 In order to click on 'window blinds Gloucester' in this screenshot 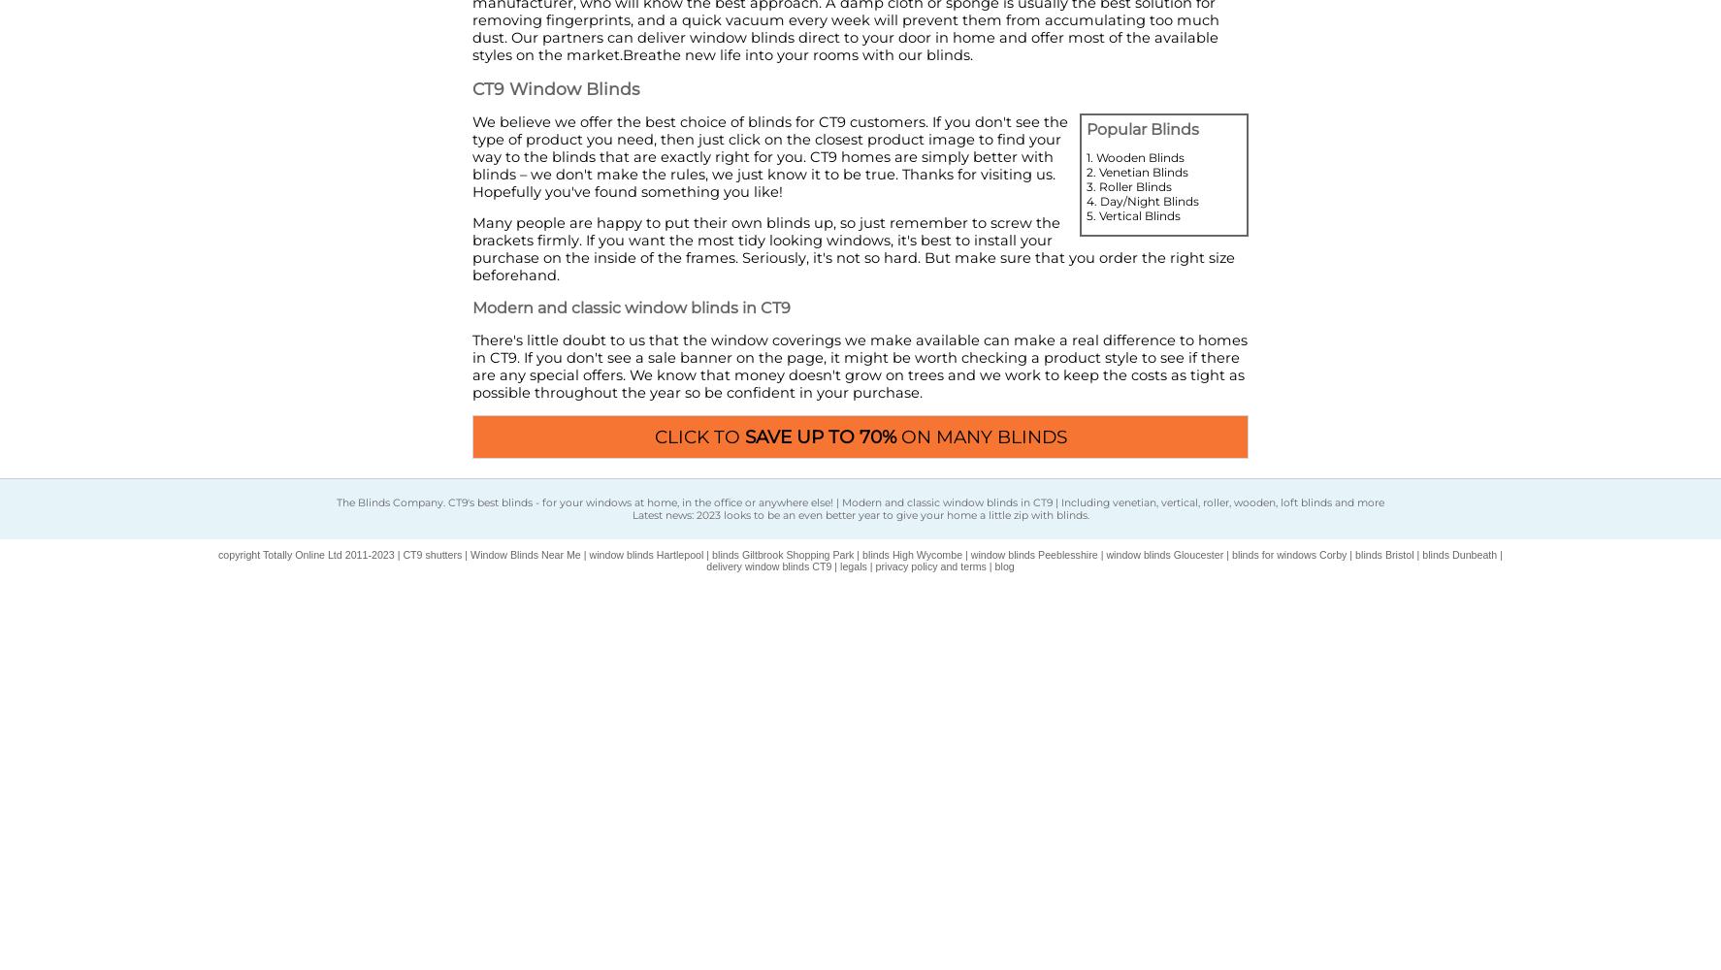, I will do `click(1164, 553)`.